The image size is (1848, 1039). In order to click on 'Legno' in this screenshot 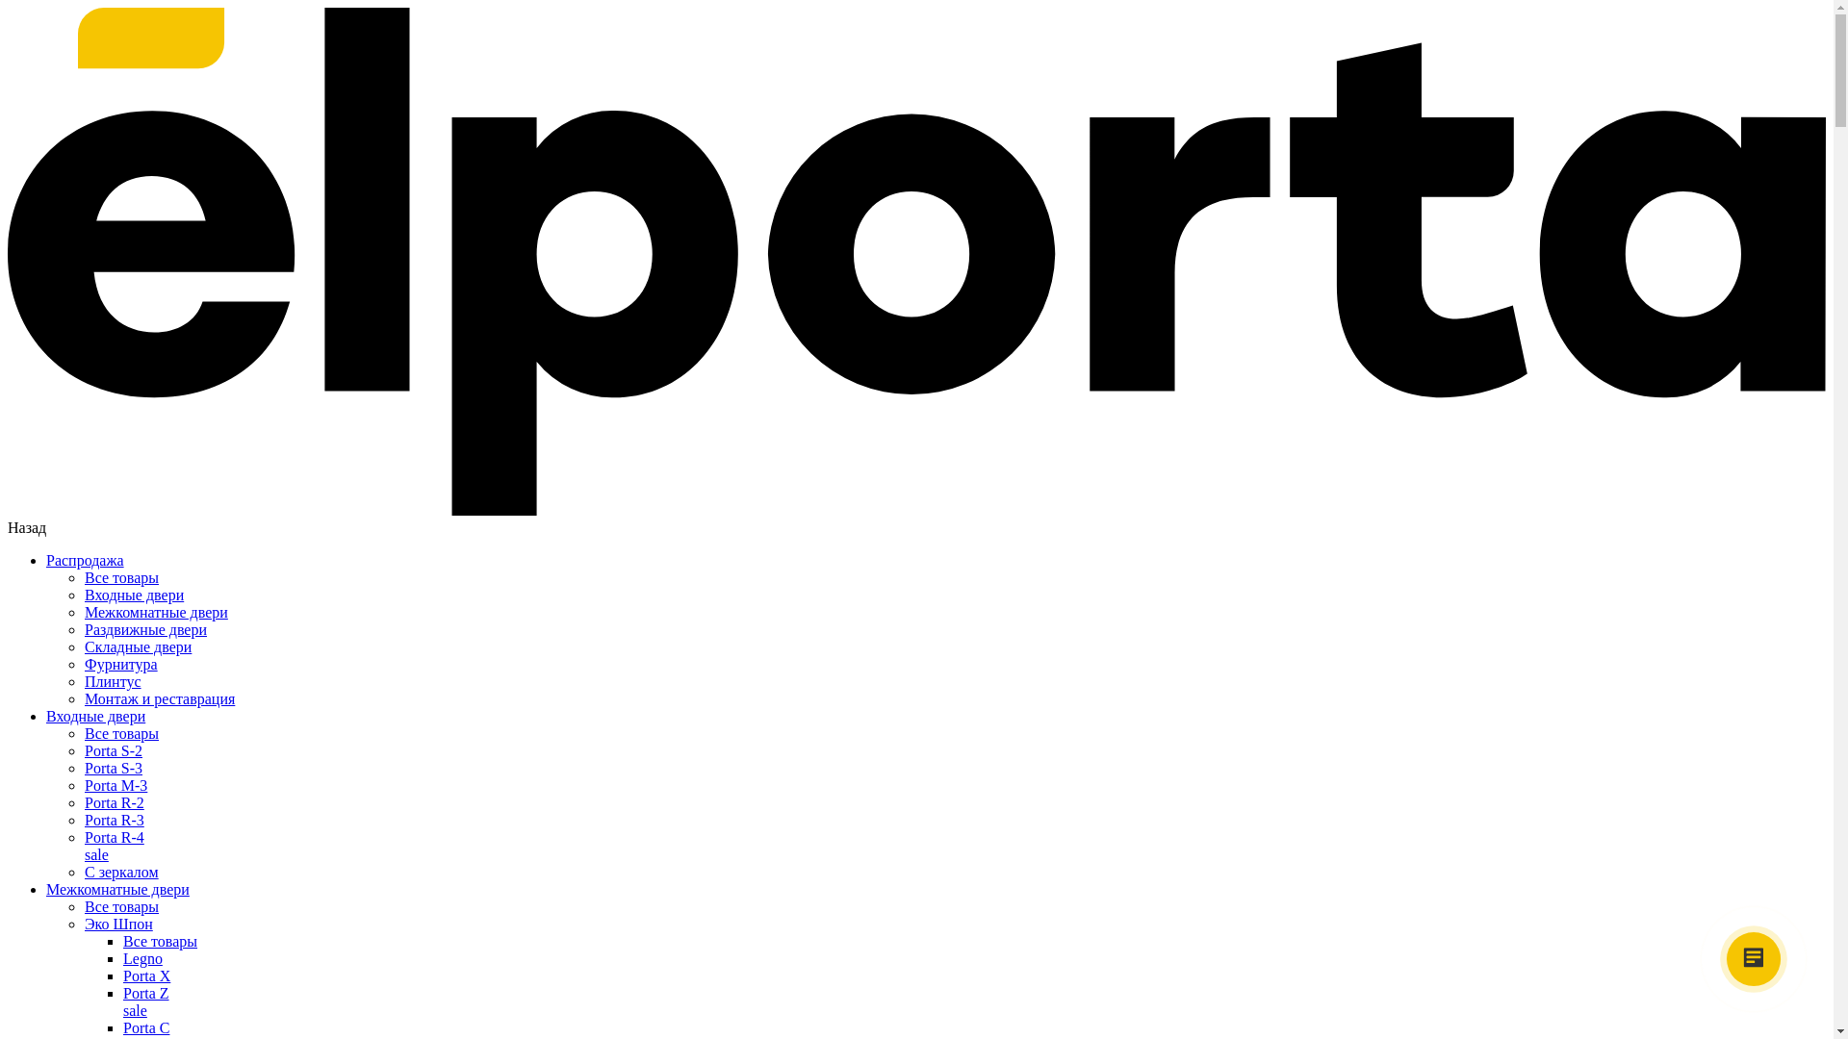, I will do `click(122, 958)`.